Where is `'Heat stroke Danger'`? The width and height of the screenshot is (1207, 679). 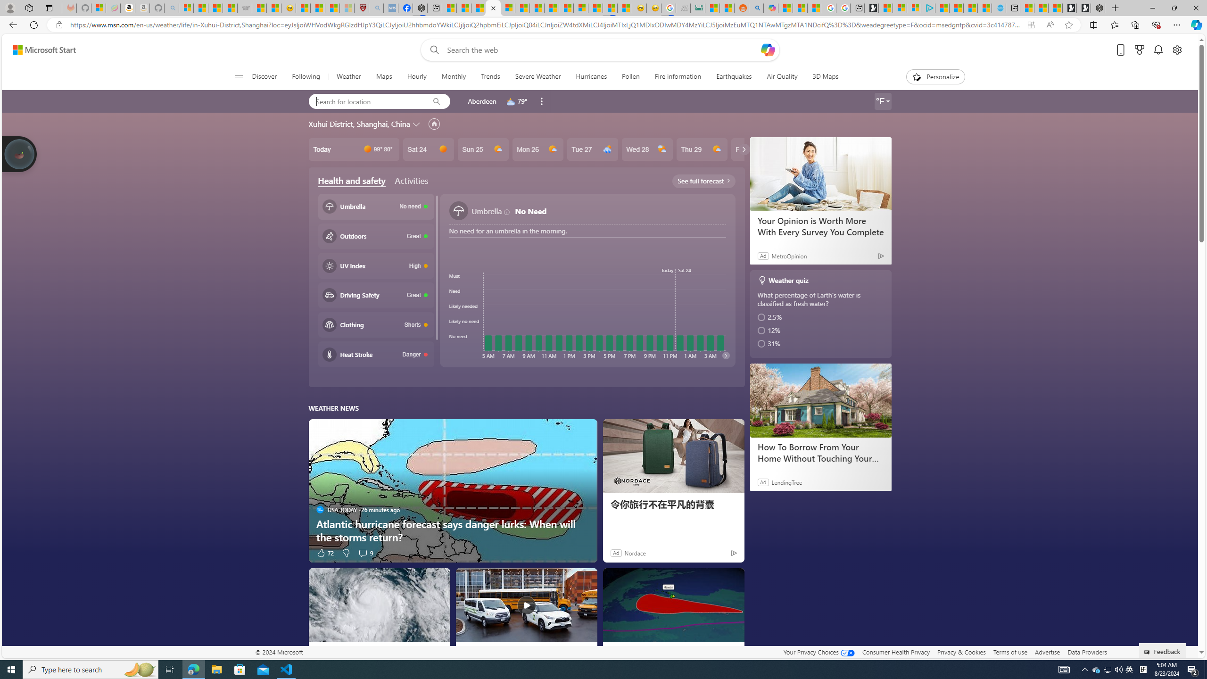 'Heat stroke Danger' is located at coordinates (375, 354).